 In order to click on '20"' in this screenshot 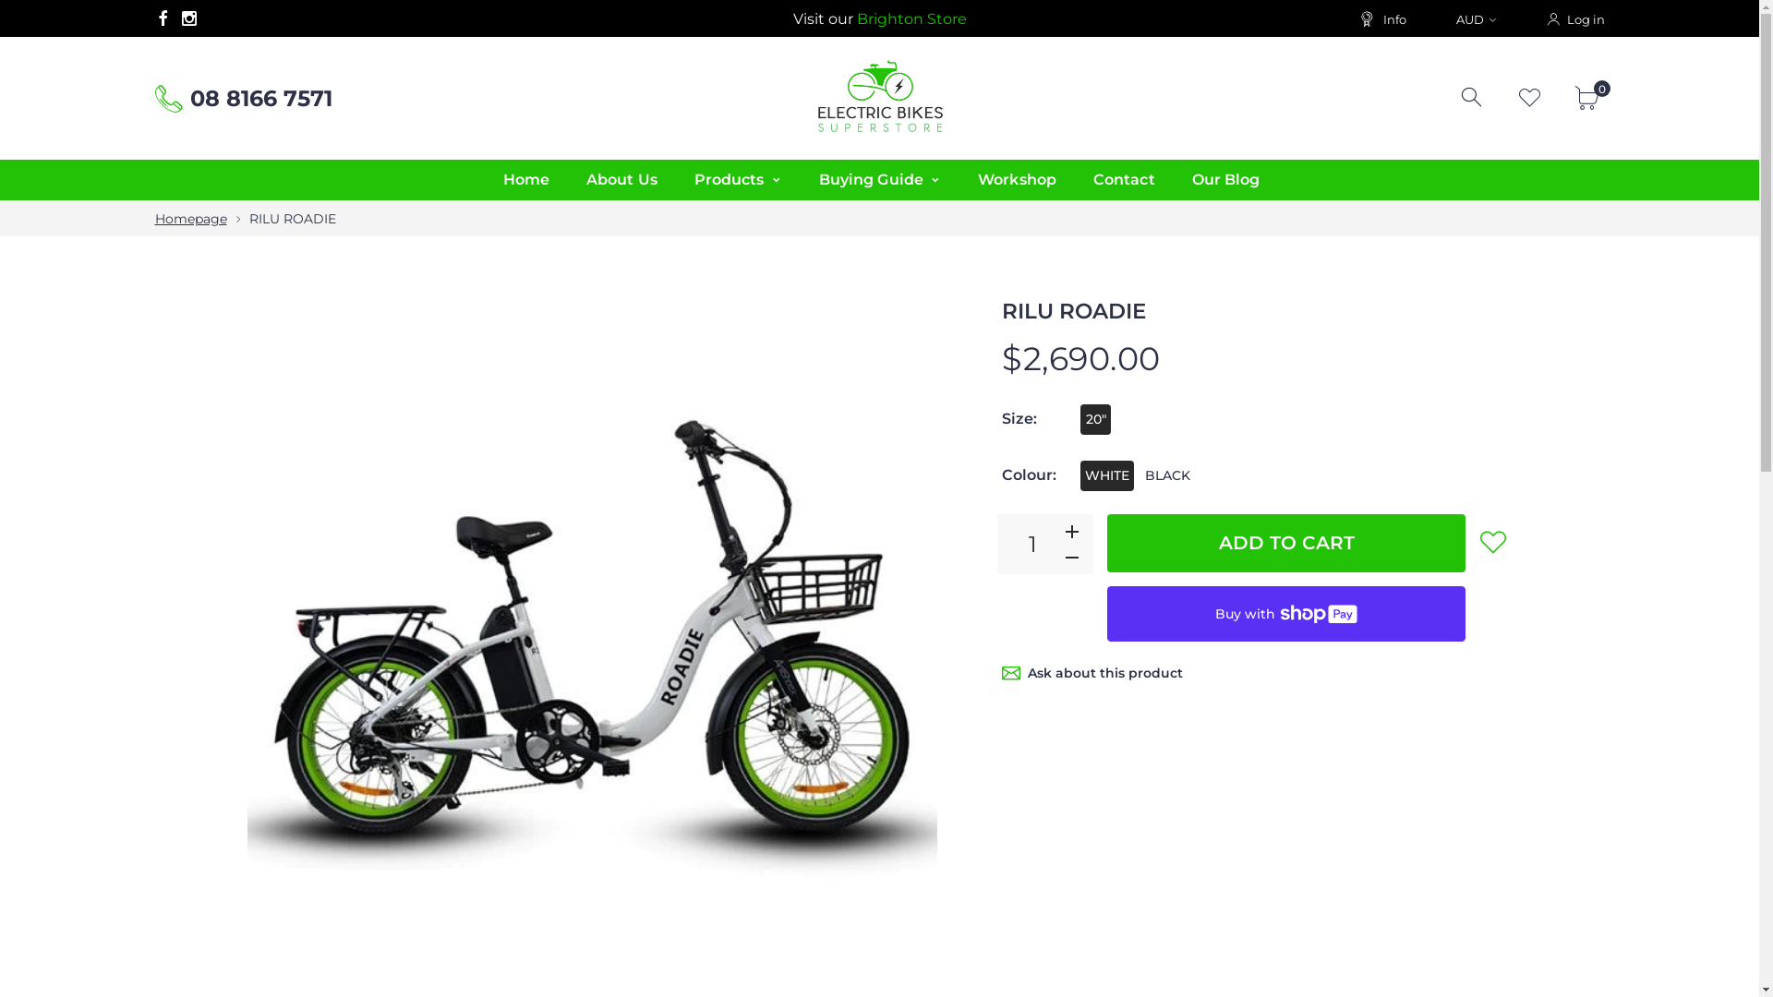, I will do `click(1095, 419)`.